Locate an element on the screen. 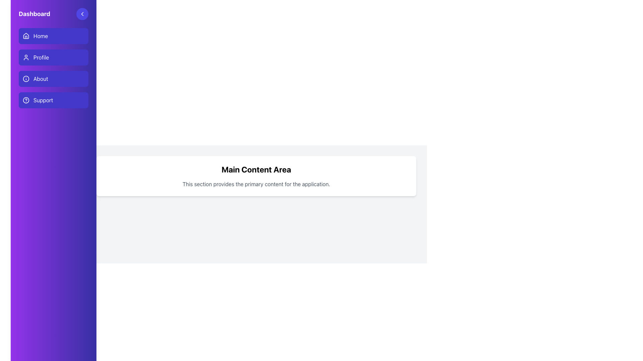 Image resolution: width=643 pixels, height=361 pixels. the user profile icon, which is characterized by a circular head and shoulders, styled with thin lines and rendered in white color against a violet button-like background, located within the 'Profile' button on the left vertical navigation bar is located at coordinates (26, 57).